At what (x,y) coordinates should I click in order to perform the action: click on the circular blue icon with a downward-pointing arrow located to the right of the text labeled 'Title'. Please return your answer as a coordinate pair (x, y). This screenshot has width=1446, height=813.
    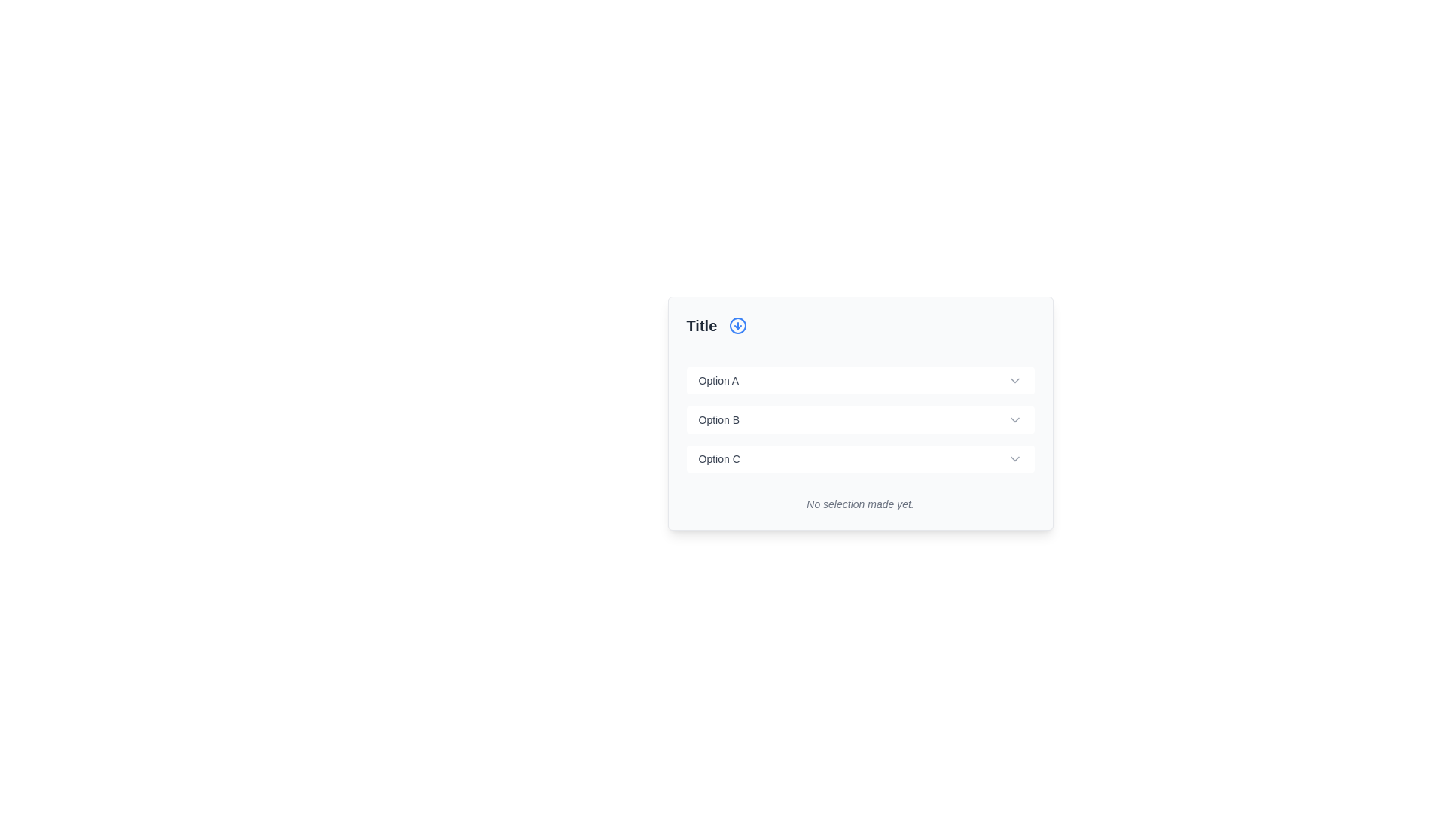
    Looking at the image, I should click on (738, 324).